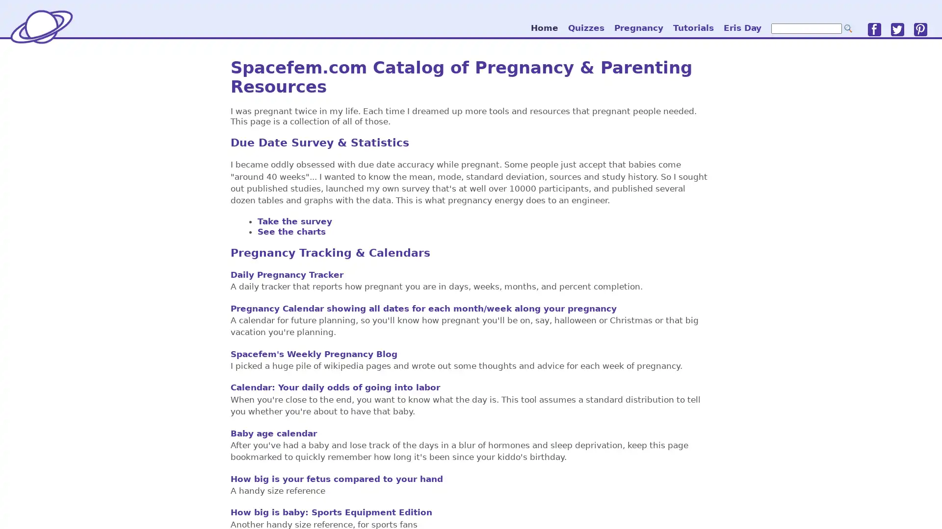  I want to click on go, so click(850, 27).